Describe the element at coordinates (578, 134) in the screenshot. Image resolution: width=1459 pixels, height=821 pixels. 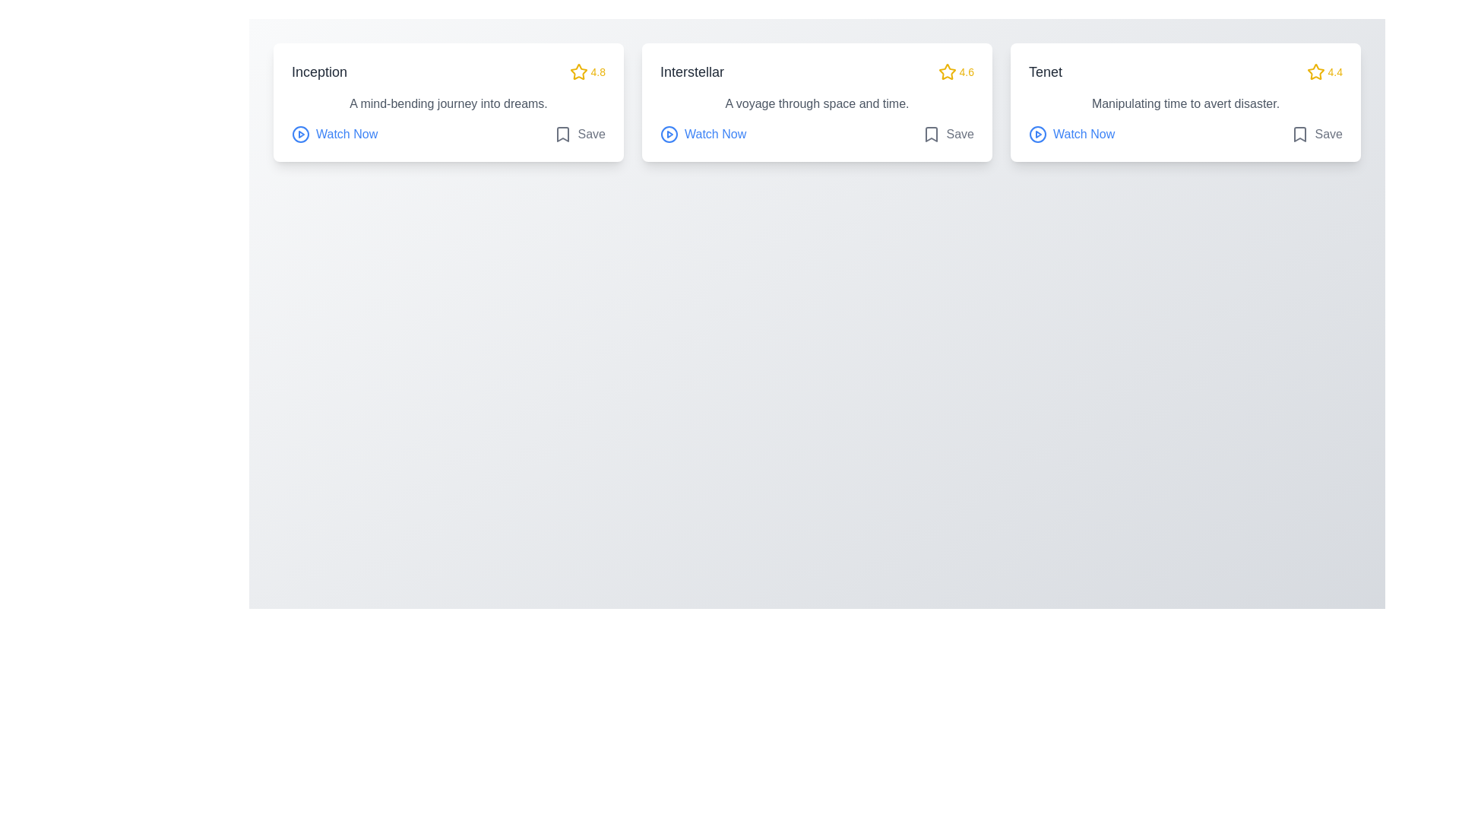
I see `the 'Save' button for the movie 'Inception' to change its color` at that location.